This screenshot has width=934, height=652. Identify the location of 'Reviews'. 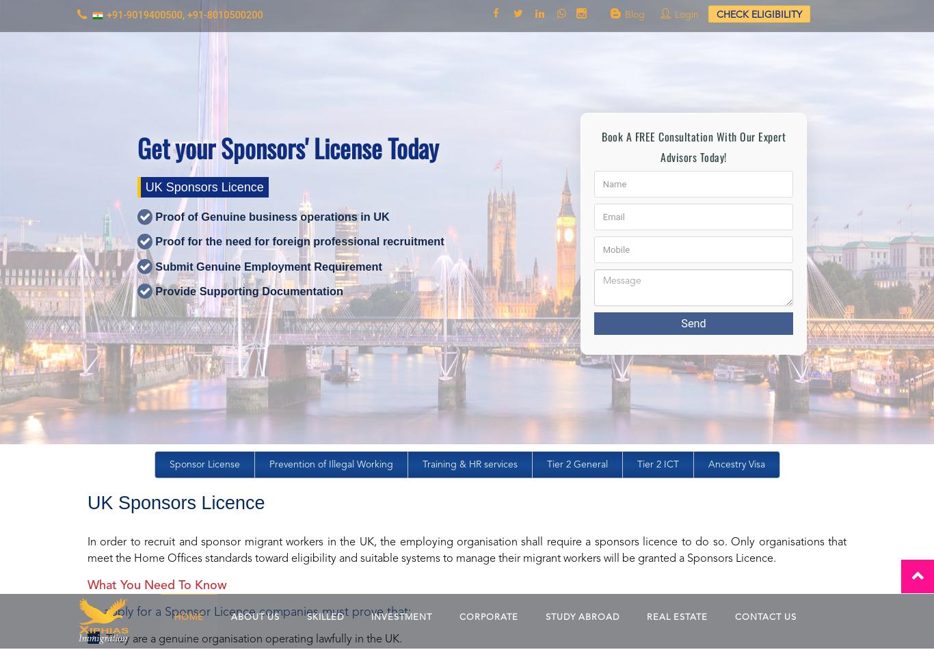
(477, 631).